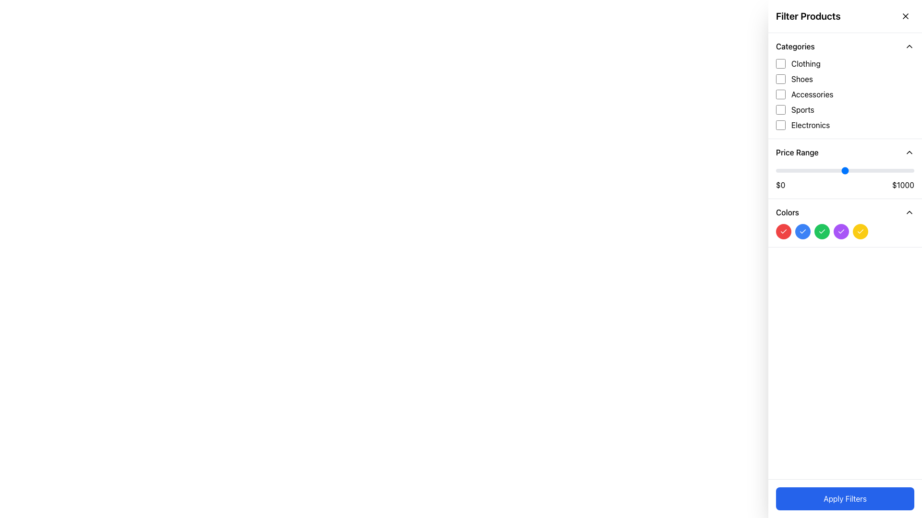 The height and width of the screenshot is (518, 922). I want to click on the small white checkmark icon within the blue circular button, which is the second button in the 'Colors' section, so click(802, 231).